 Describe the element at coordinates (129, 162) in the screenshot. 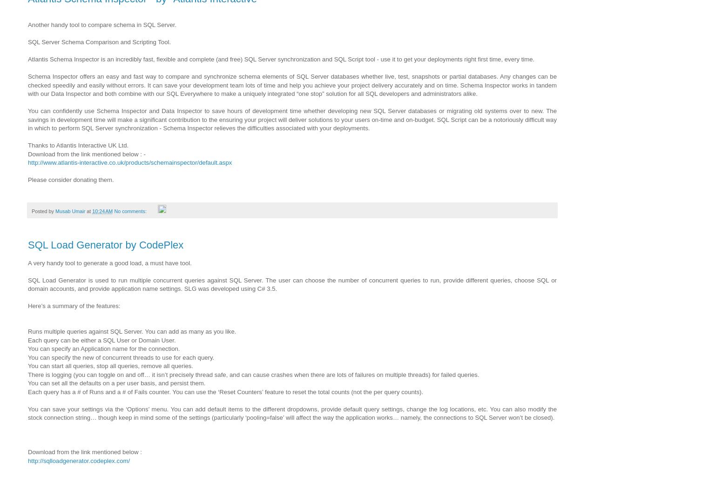

I see `'http://www.atlantis-interactive.co.uk/products/schemainspector/default.aspx'` at that location.